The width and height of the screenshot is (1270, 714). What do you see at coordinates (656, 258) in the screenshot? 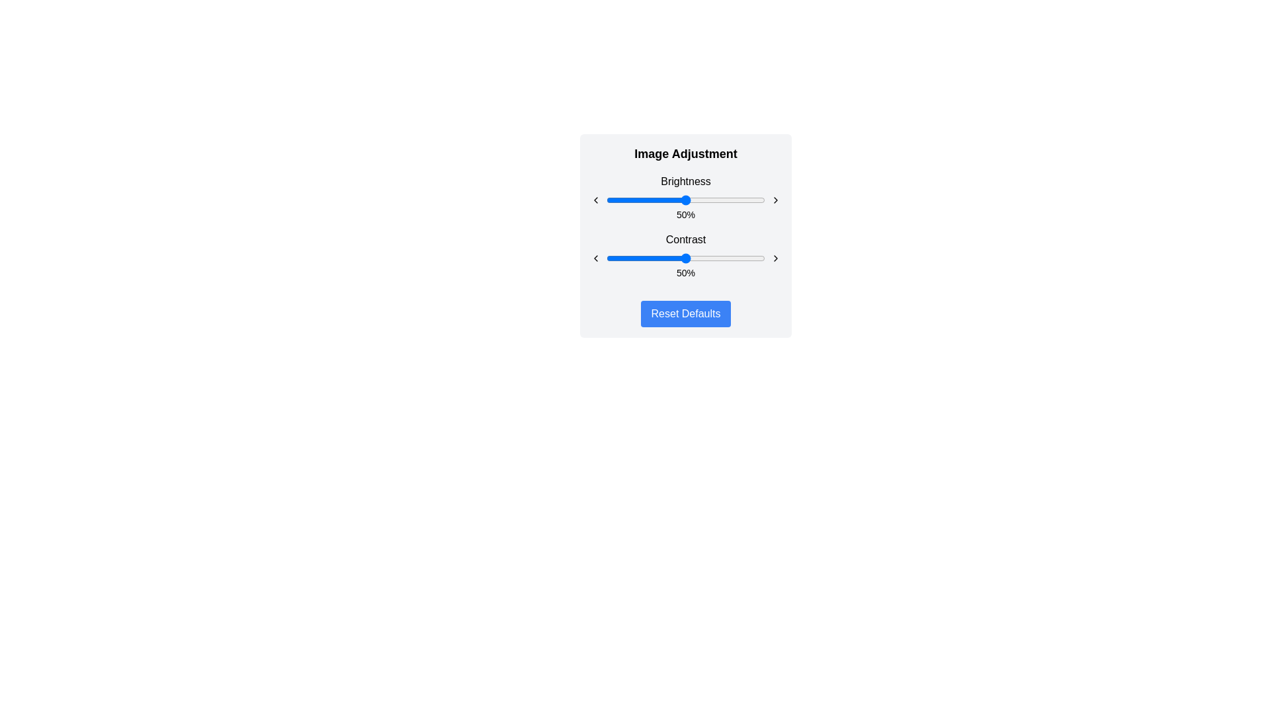
I see `contrast` at bounding box center [656, 258].